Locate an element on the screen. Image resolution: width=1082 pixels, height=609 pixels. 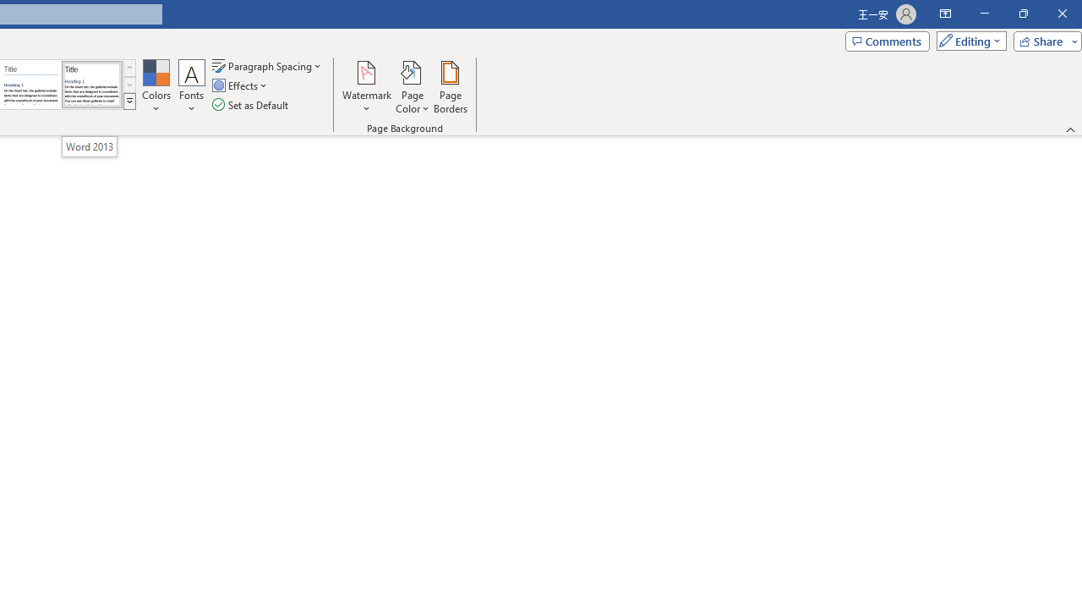
'Editing' is located at coordinates (967, 40).